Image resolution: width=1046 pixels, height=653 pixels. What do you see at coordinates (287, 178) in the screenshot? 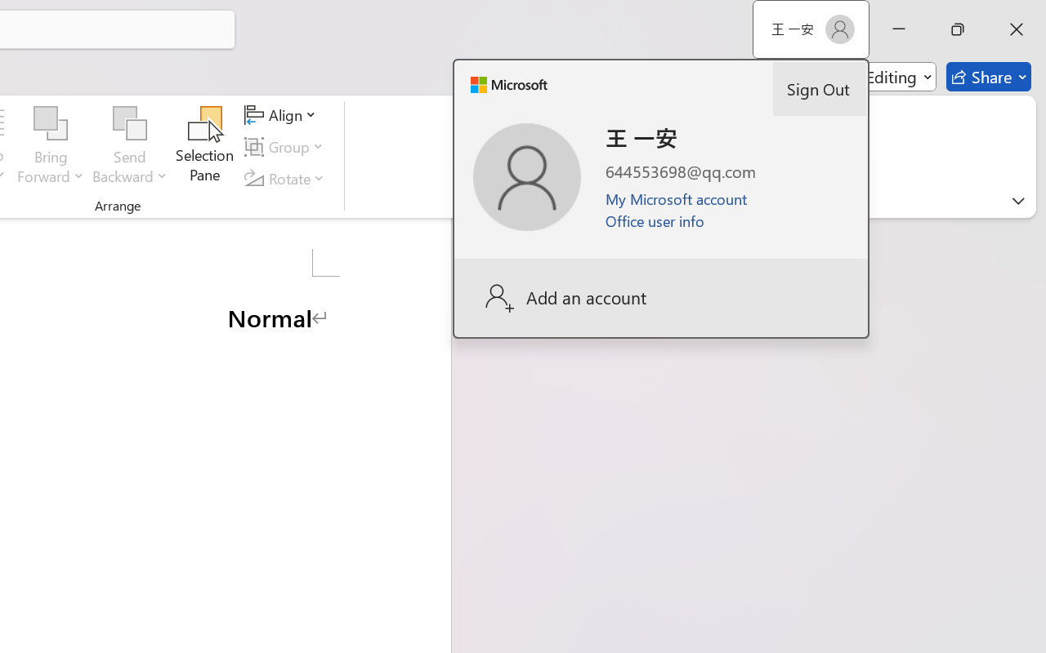
I see `'Rotate'` at bounding box center [287, 178].